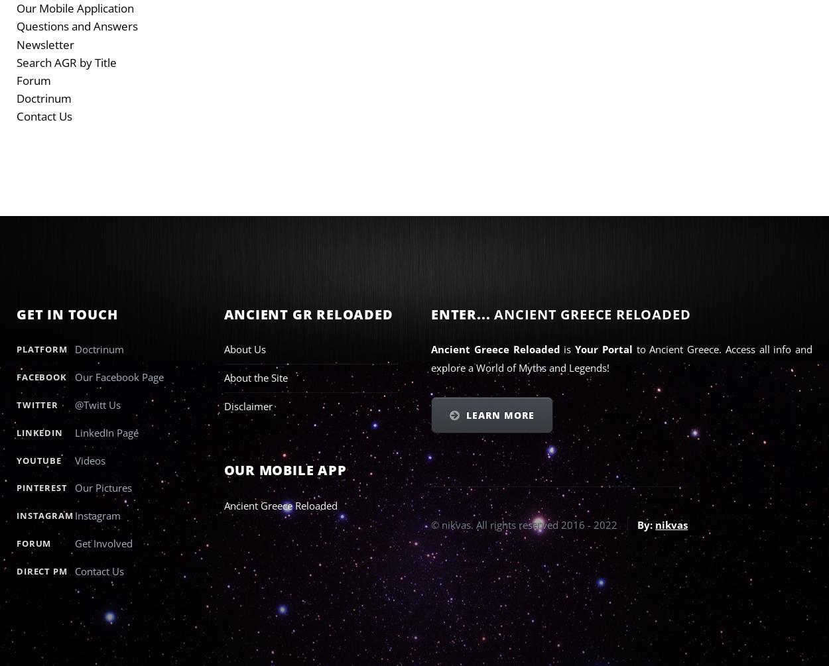  I want to click on 'Get in touch', so click(17, 313).